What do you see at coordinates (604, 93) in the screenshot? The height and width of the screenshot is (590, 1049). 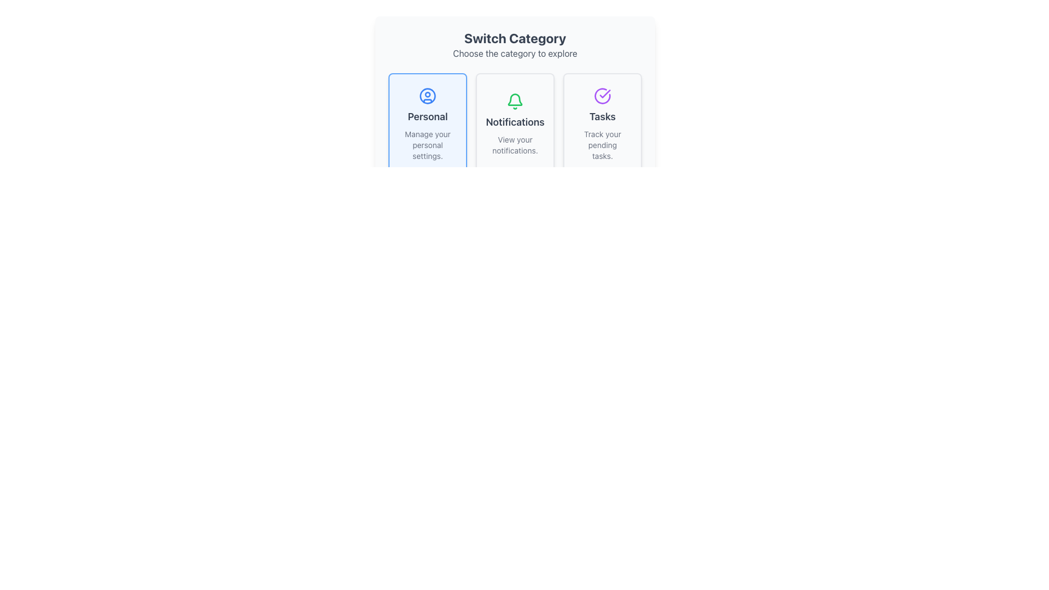 I see `the circular icon with a checkmark that represents the confirmation of the 'Tasks' category, located on the rightmost section of the horizontal layout` at bounding box center [604, 93].